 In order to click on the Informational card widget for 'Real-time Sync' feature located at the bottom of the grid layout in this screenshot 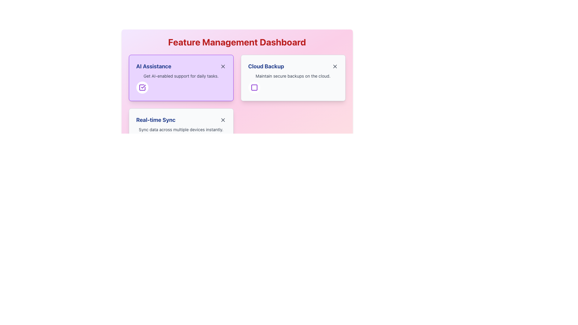, I will do `click(181, 131)`.